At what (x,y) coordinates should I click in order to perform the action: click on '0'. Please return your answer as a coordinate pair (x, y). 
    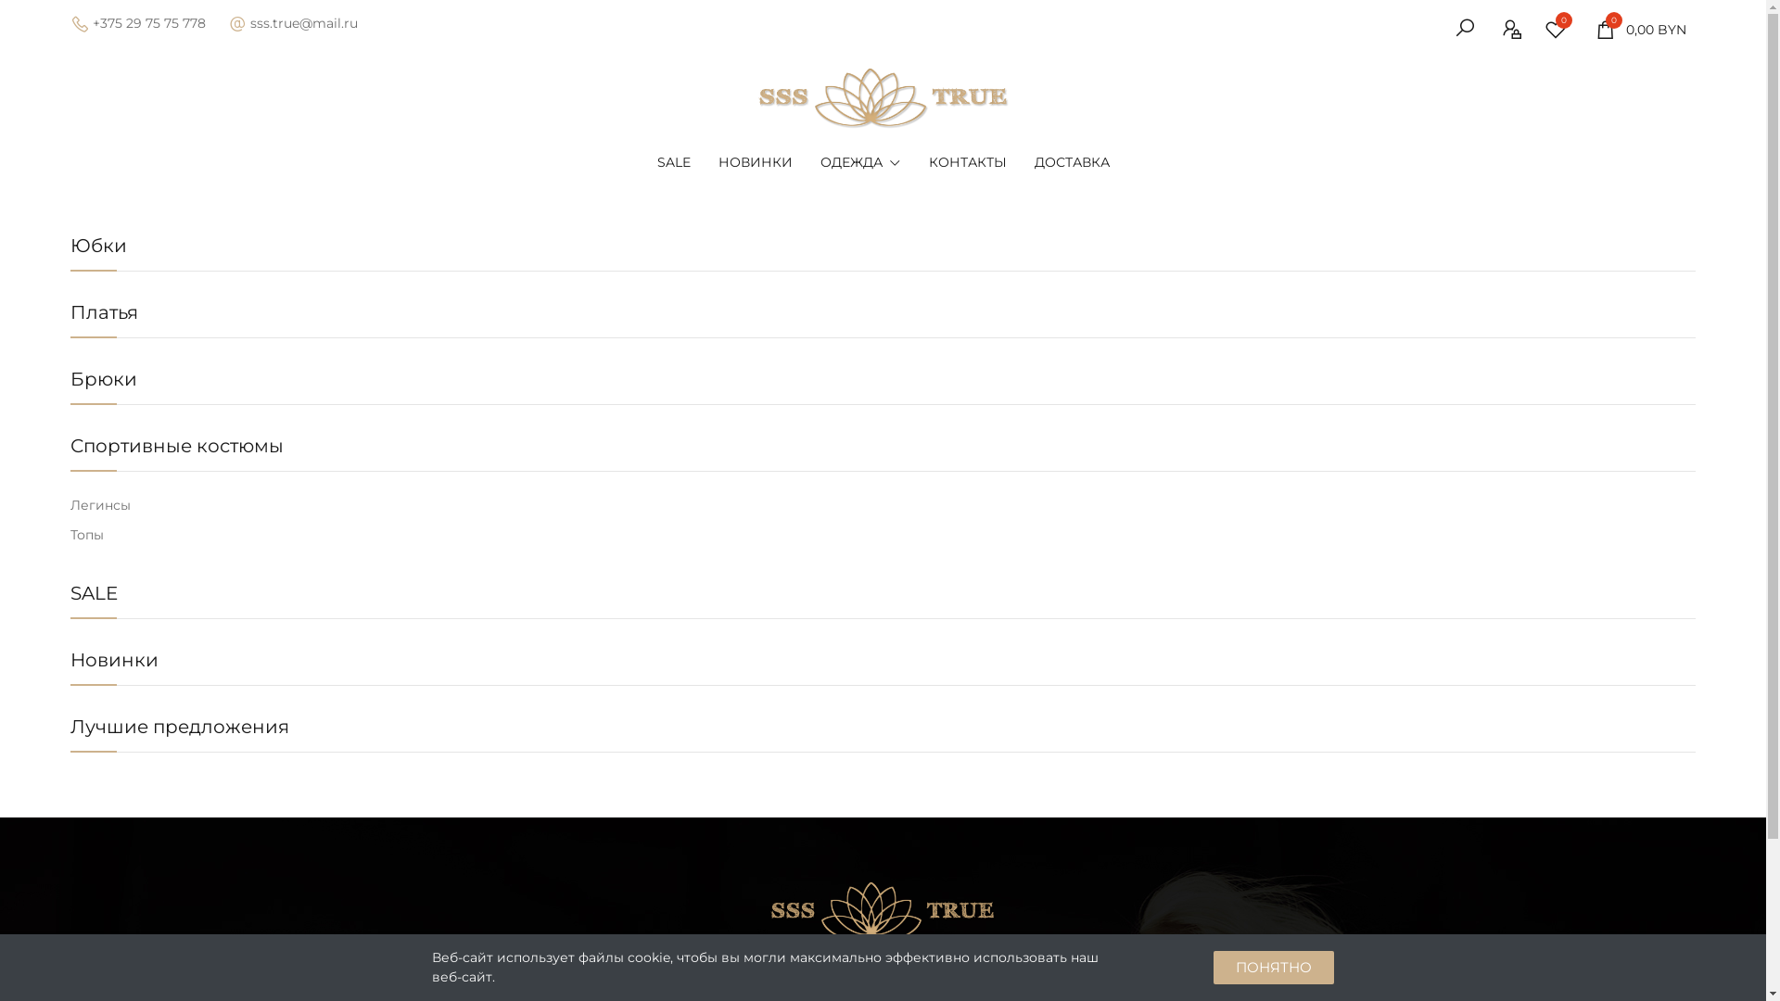
    Looking at the image, I should click on (1559, 29).